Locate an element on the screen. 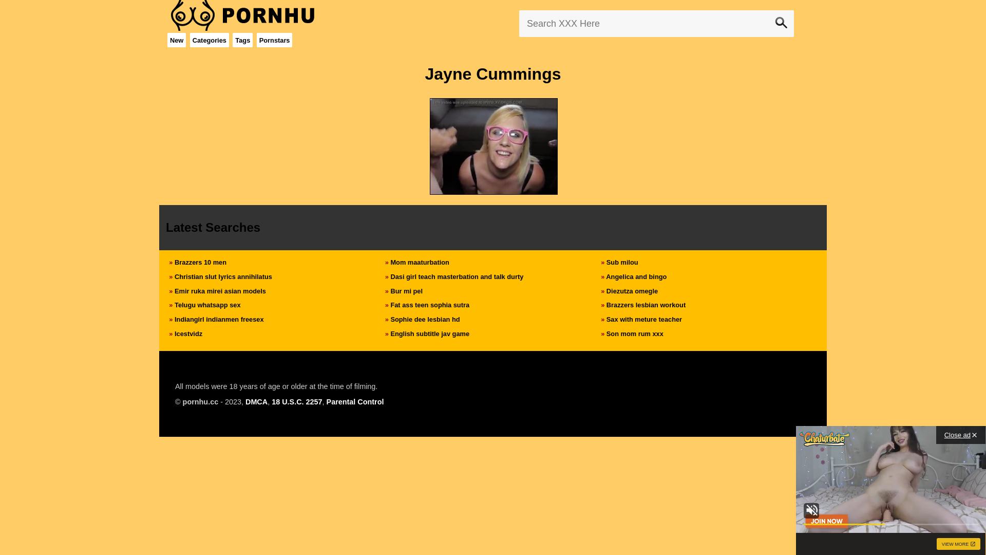  'Icestvidz' is located at coordinates (188, 334).